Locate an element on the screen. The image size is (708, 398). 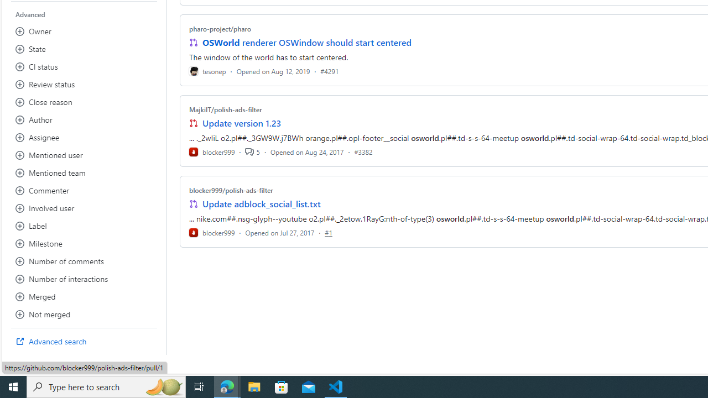
'Update adblock_social_list.txt' is located at coordinates (261, 203).